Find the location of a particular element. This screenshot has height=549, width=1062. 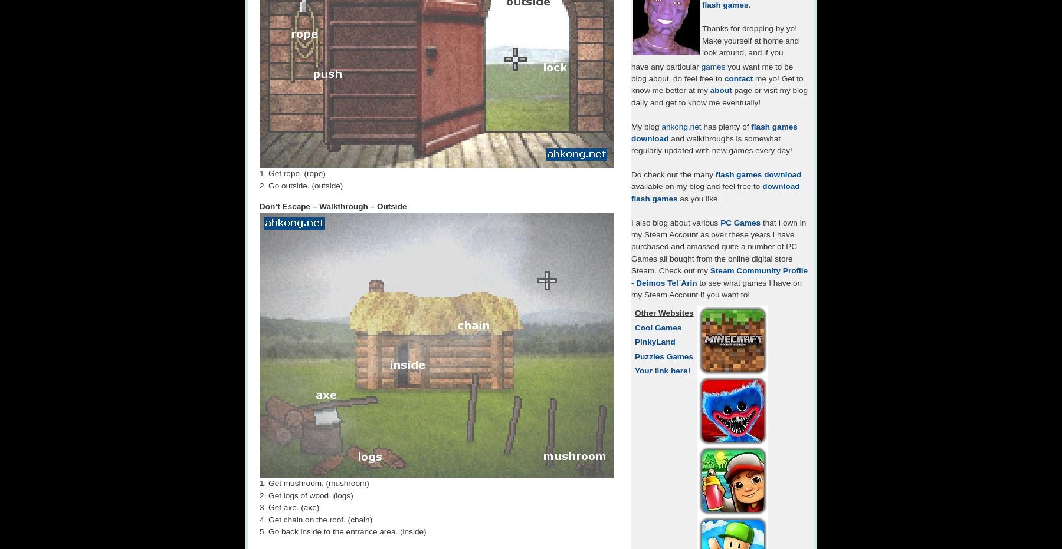

'Your link here!' is located at coordinates (663, 369).